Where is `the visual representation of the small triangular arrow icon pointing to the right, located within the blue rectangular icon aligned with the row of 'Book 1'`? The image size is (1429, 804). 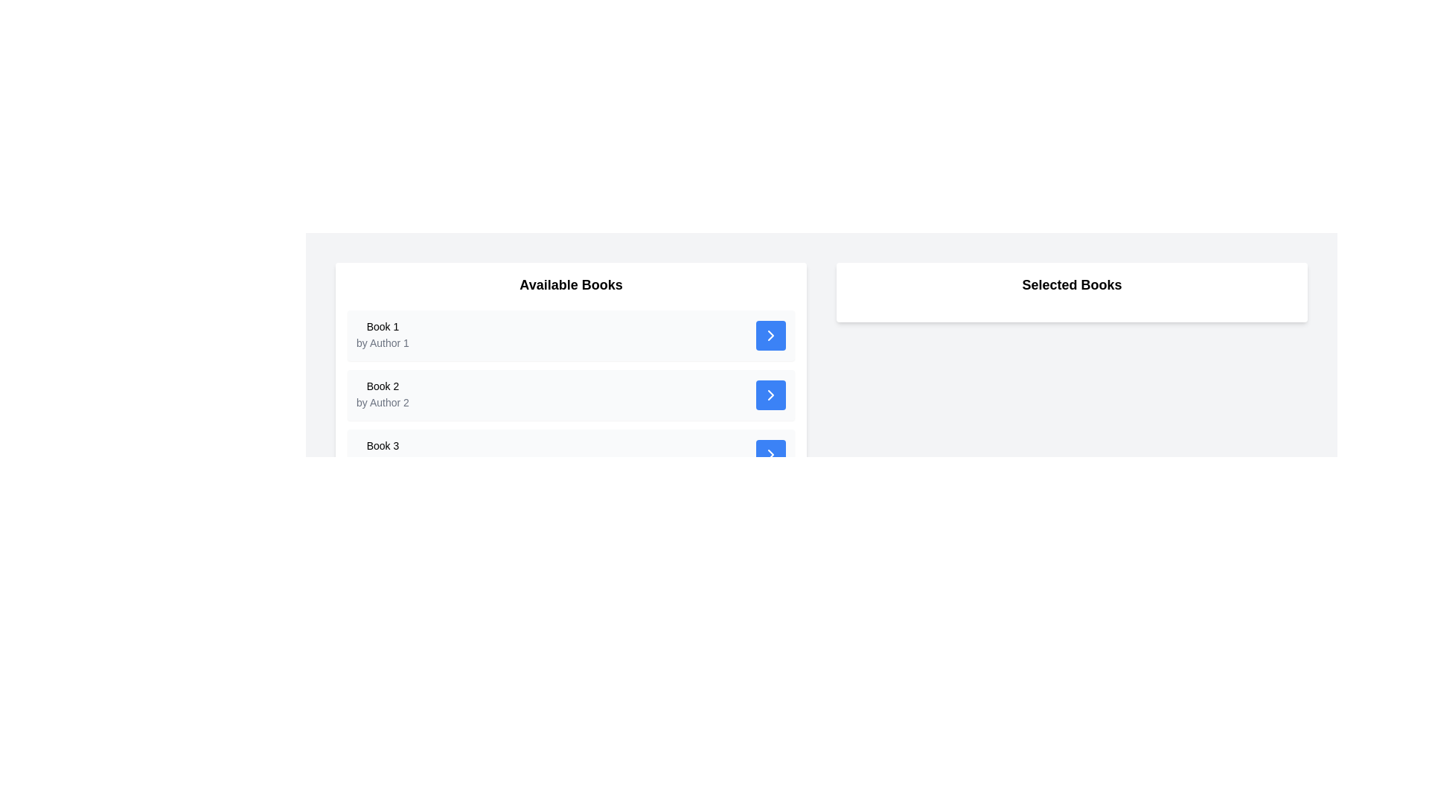 the visual representation of the small triangular arrow icon pointing to the right, located within the blue rectangular icon aligned with the row of 'Book 1' is located at coordinates (771, 336).